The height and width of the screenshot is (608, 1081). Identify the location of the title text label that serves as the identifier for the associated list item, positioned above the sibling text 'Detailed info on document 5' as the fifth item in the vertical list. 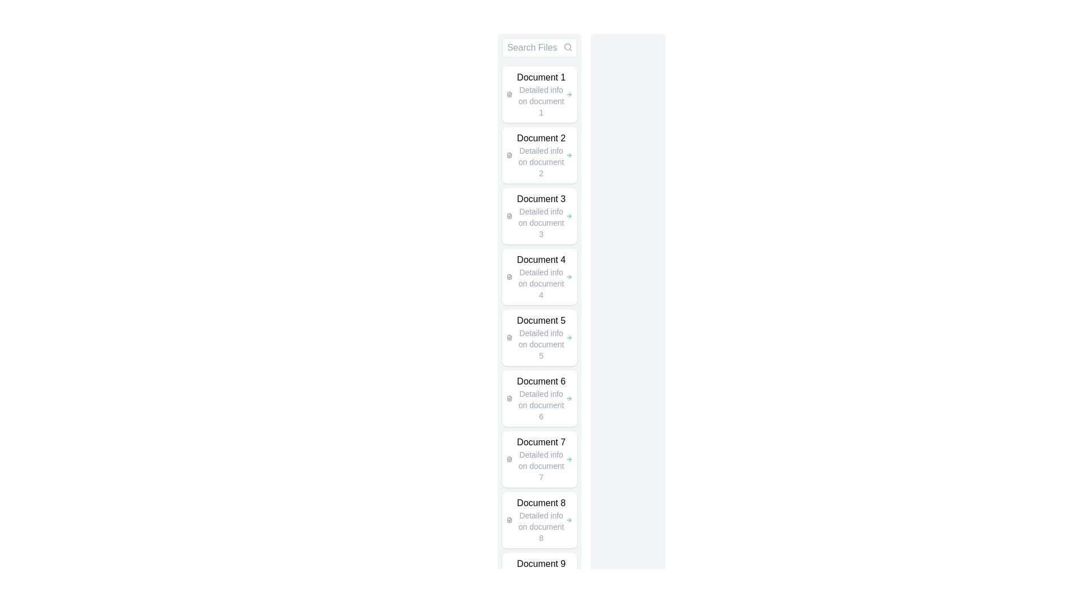
(541, 321).